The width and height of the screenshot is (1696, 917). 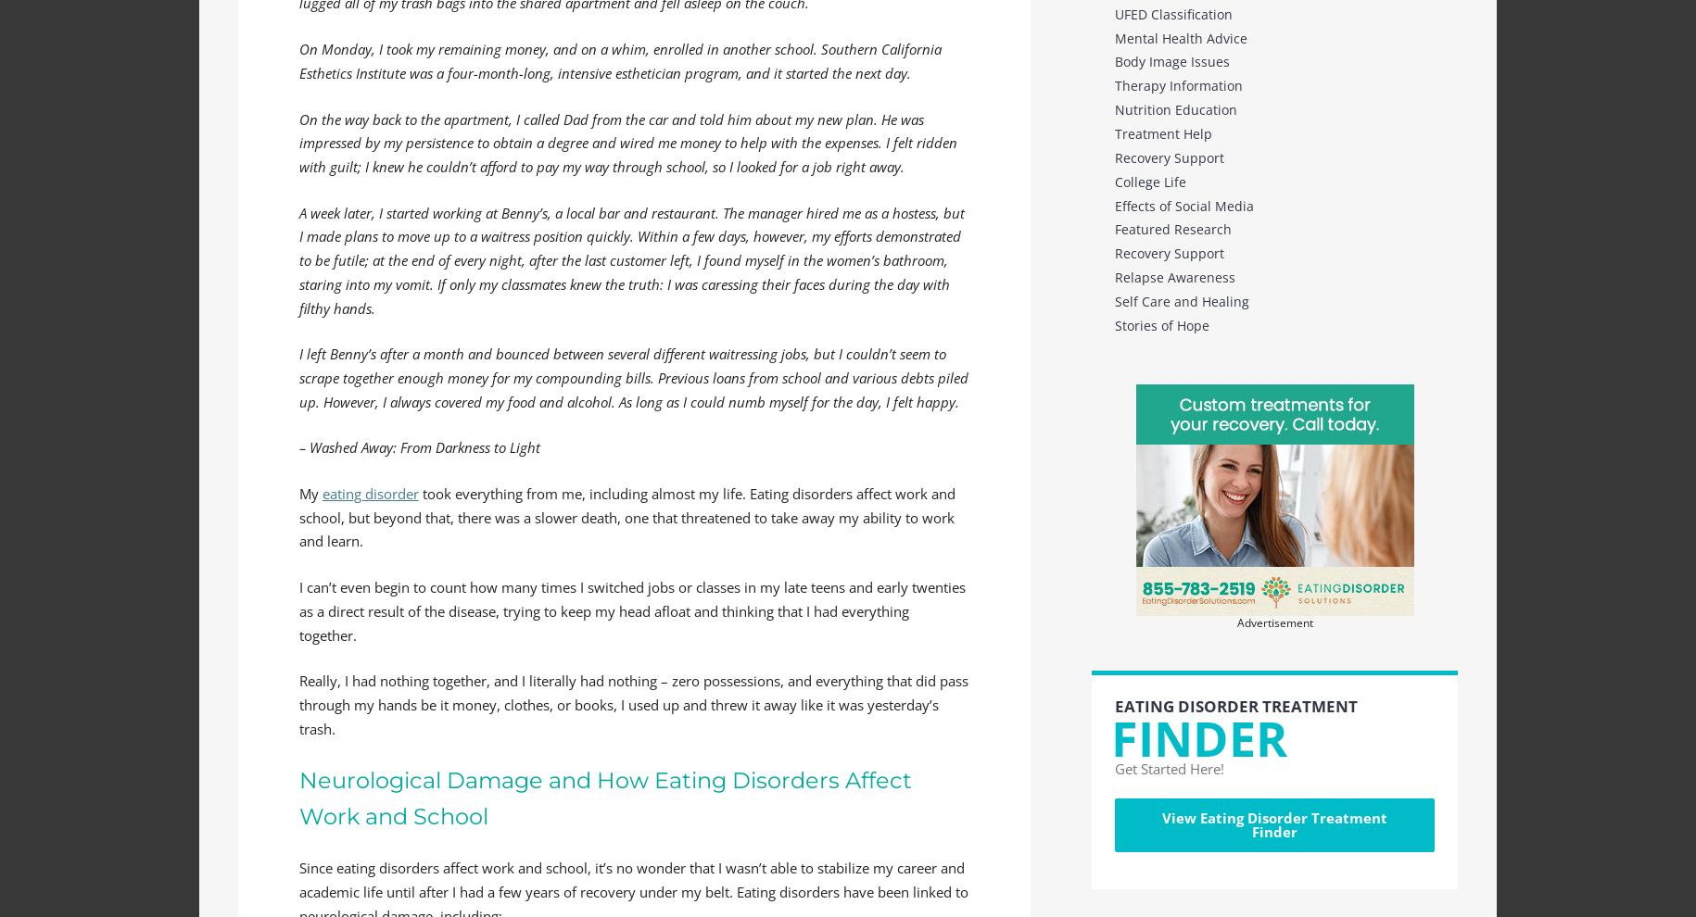 What do you see at coordinates (1172, 61) in the screenshot?
I see `'Body Image Issues'` at bounding box center [1172, 61].